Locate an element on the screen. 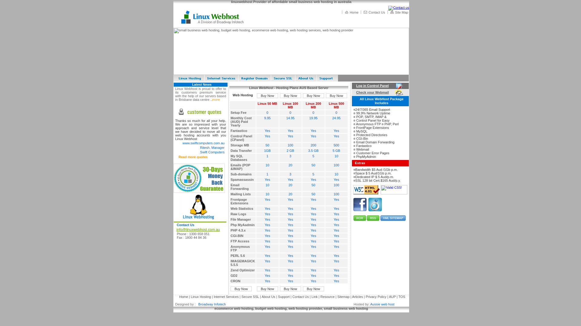  'Sitemap' is located at coordinates (344, 296).